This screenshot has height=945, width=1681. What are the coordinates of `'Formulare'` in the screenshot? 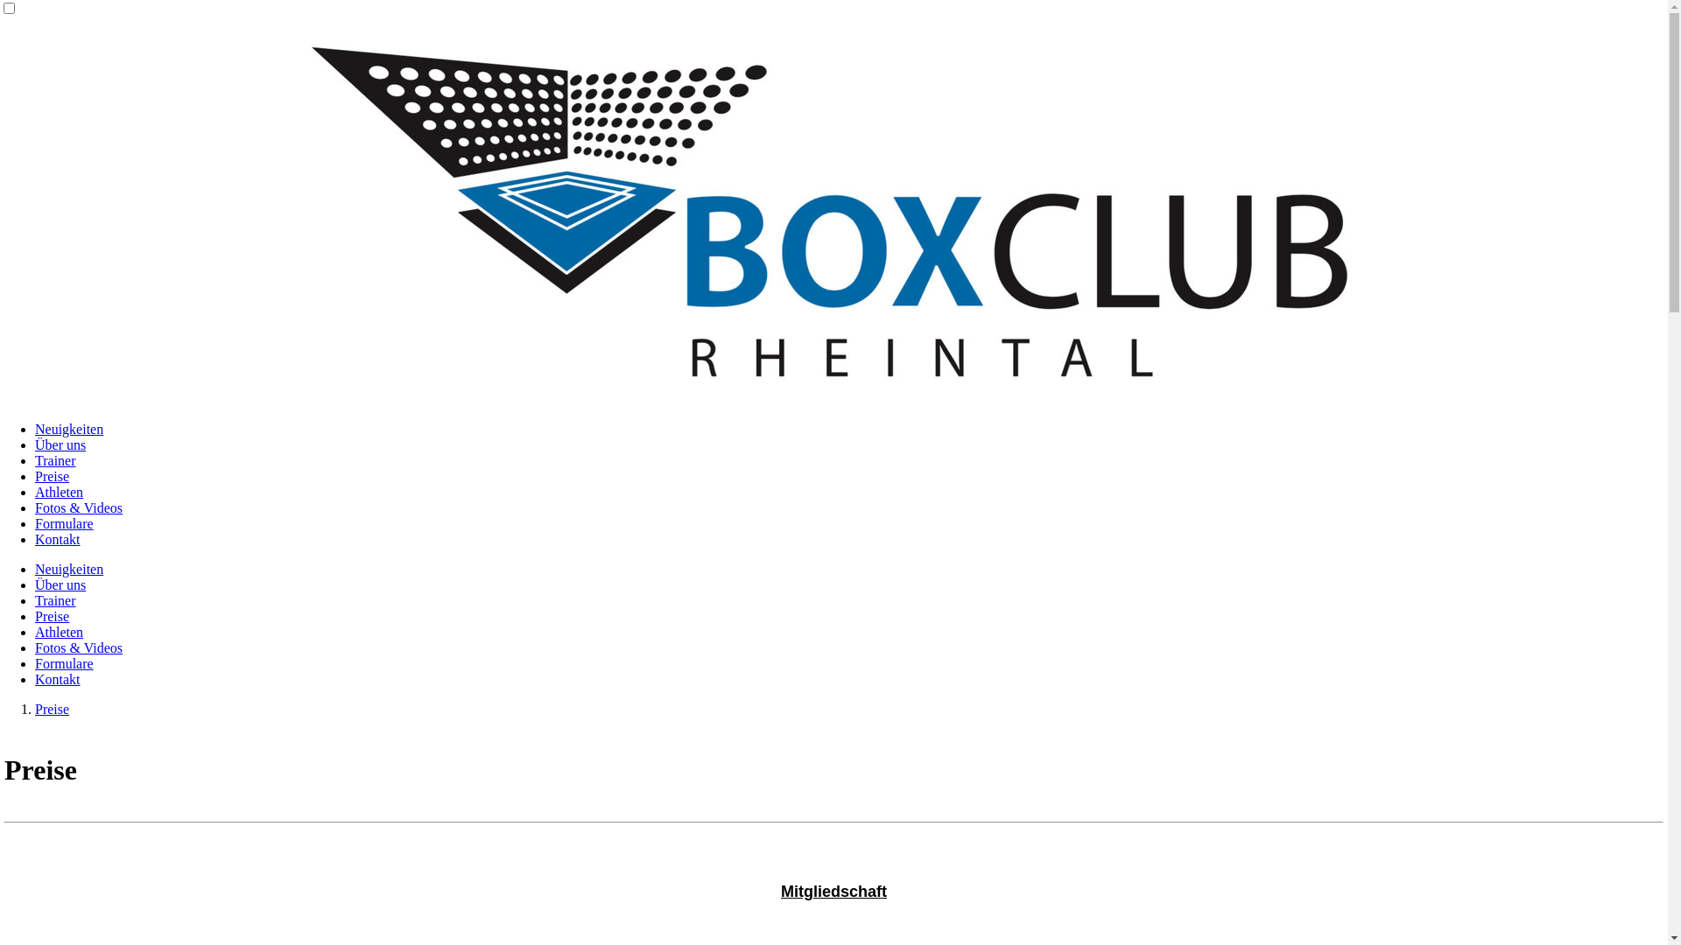 It's located at (34, 522).